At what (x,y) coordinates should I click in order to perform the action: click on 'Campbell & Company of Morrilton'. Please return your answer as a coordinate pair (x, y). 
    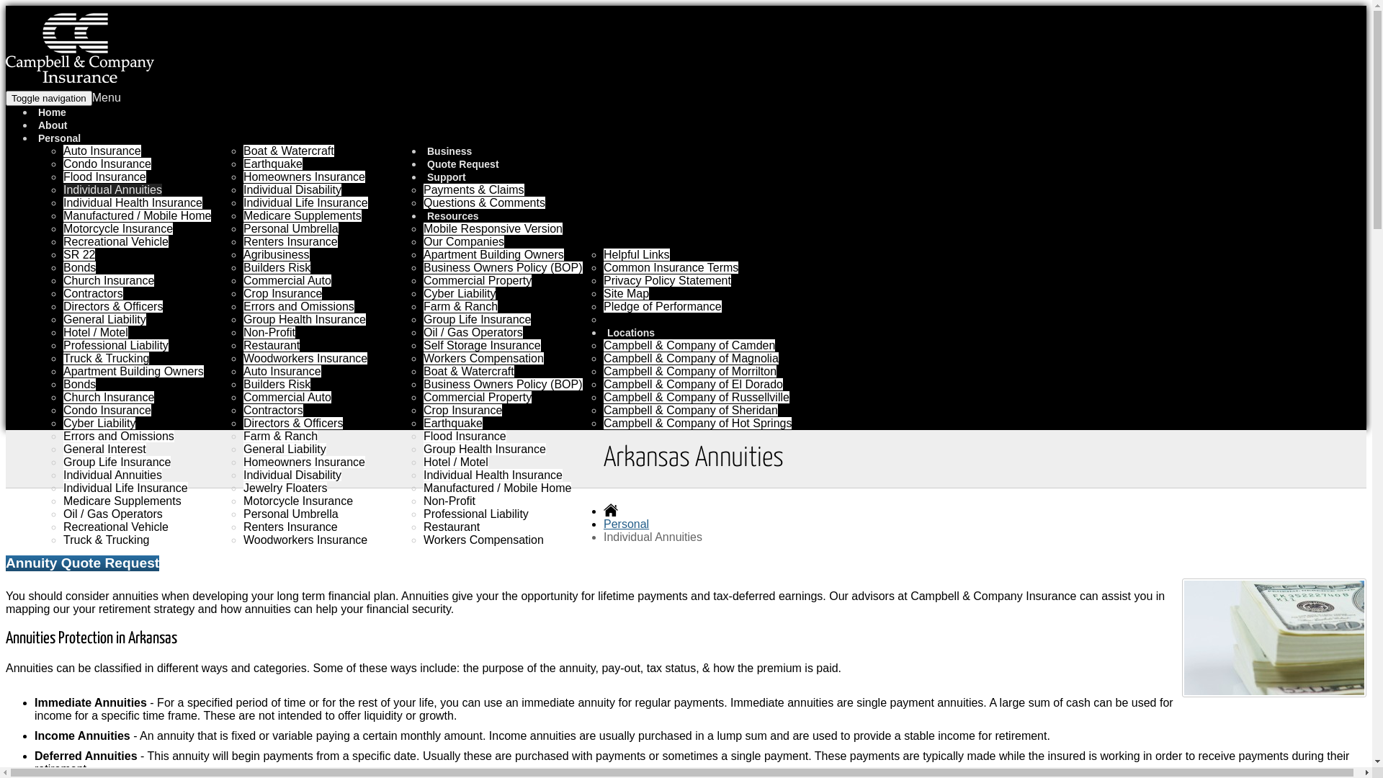
    Looking at the image, I should click on (689, 370).